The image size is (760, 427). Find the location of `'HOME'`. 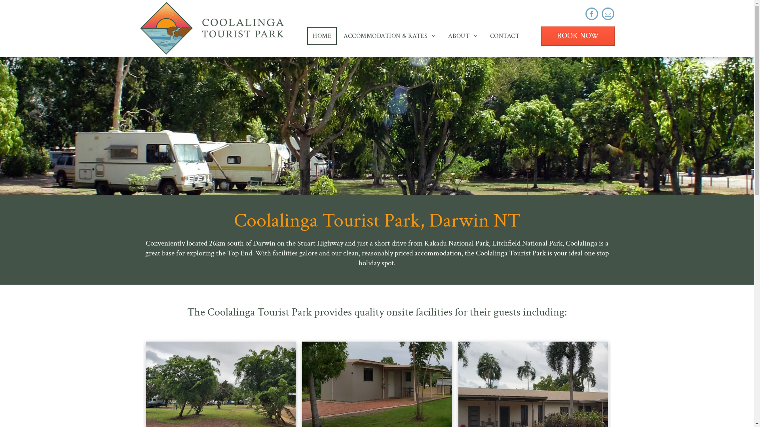

'HOME' is located at coordinates (322, 36).